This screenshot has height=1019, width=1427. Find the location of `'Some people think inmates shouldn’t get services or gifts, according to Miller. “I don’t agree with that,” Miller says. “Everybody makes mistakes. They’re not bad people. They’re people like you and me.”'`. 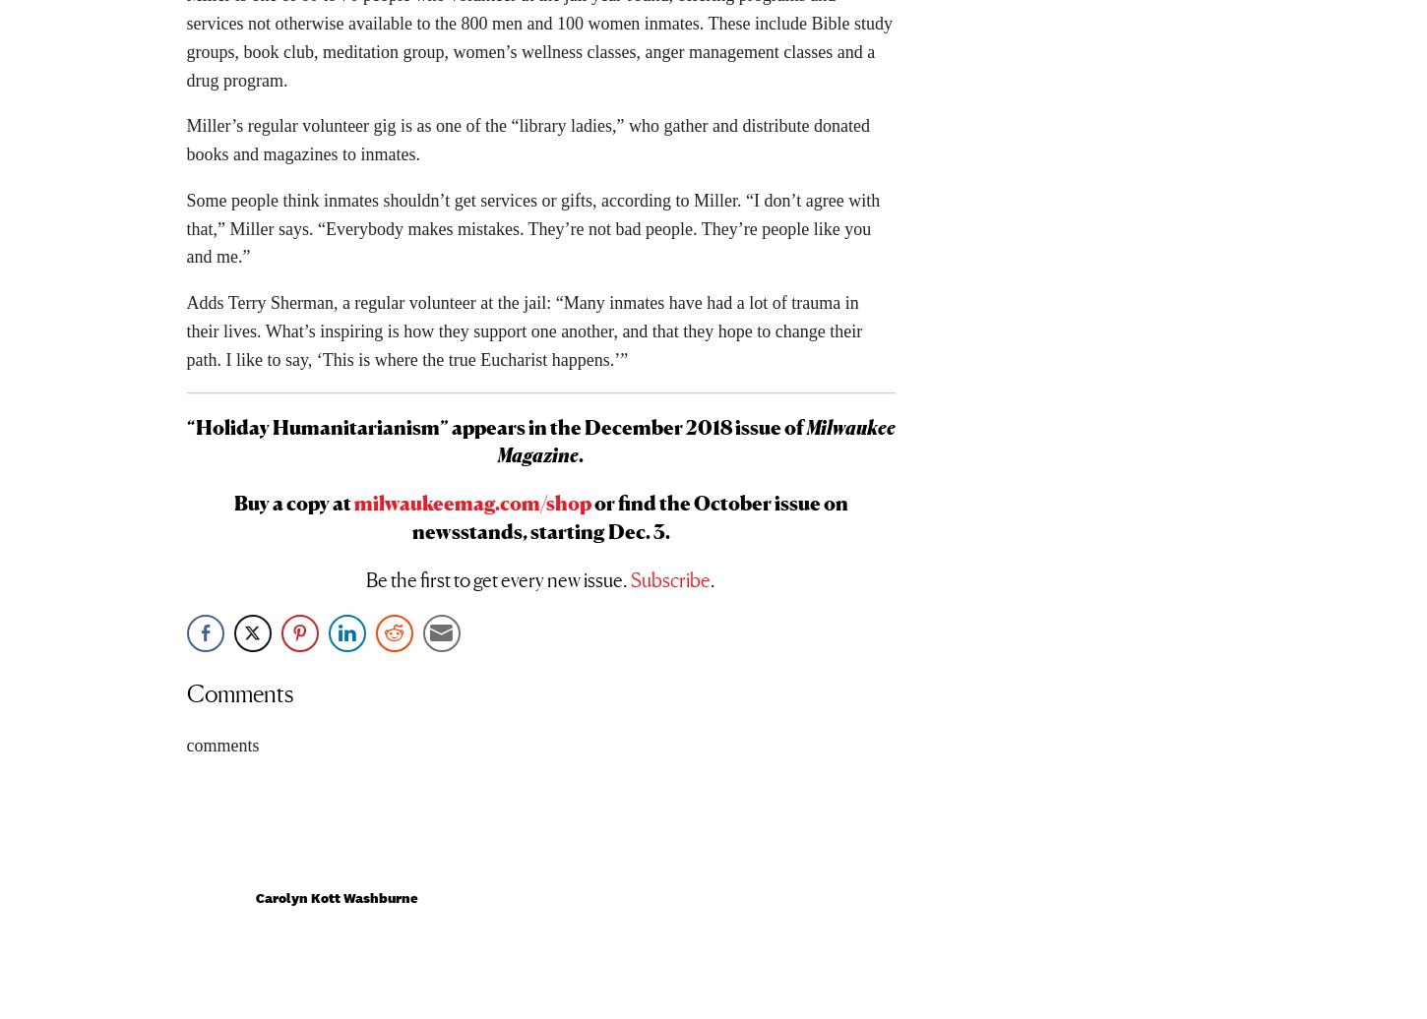

'Some people think inmates shouldn’t get services or gifts, according to Miller. “I don’t agree with that,” Miller says. “Everybody makes mistakes. They’re not bad people. They’re people like you and me.”' is located at coordinates (532, 235).